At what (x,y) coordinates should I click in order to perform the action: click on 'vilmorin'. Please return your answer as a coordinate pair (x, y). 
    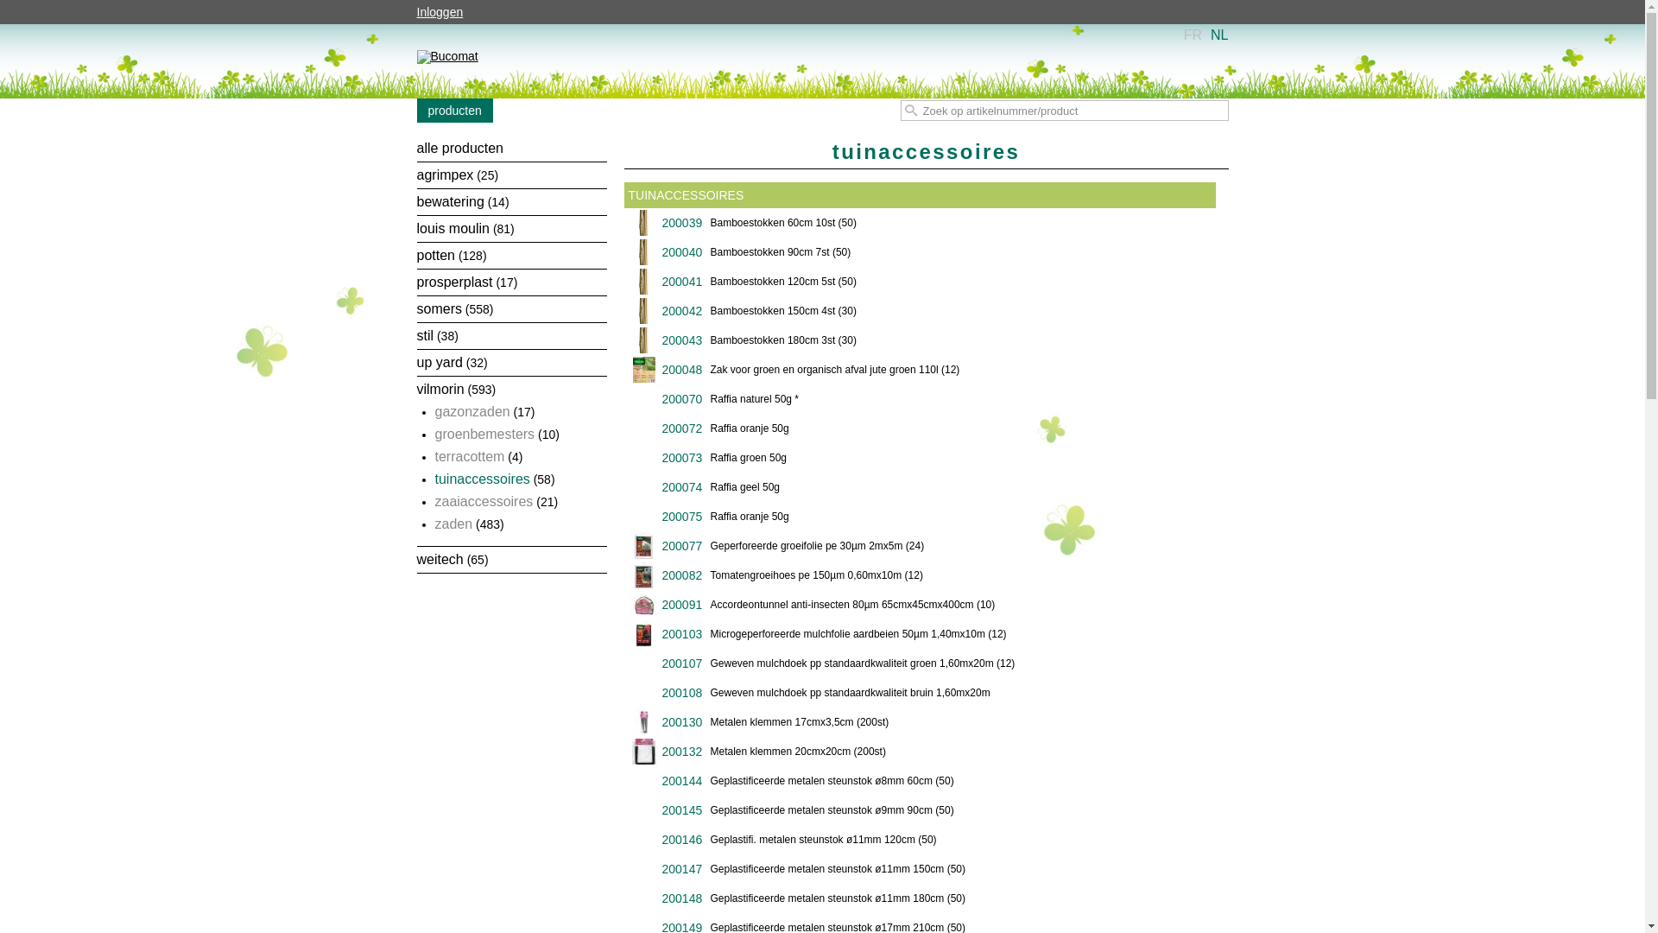
    Looking at the image, I should click on (440, 389).